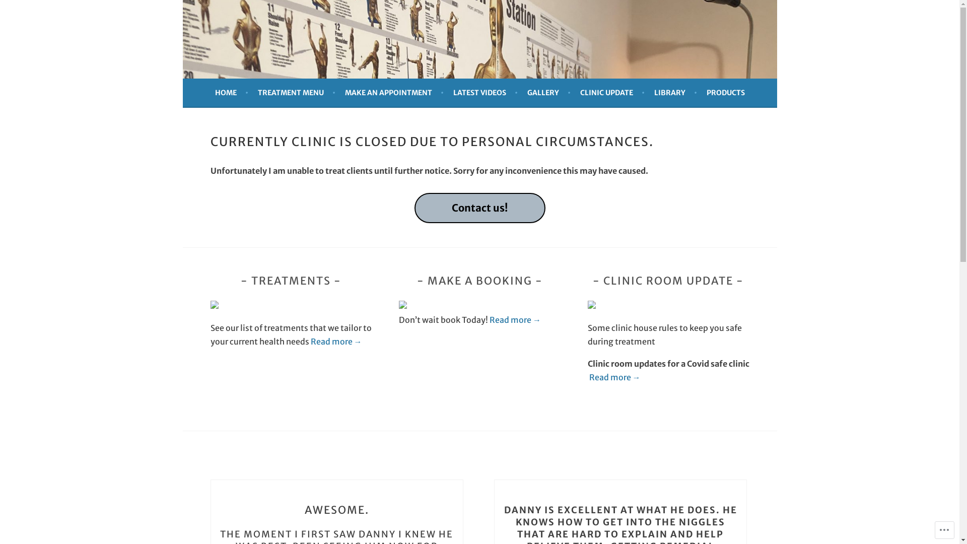  What do you see at coordinates (393, 93) in the screenshot?
I see `'MAKE AN APPOINTMENT'` at bounding box center [393, 93].